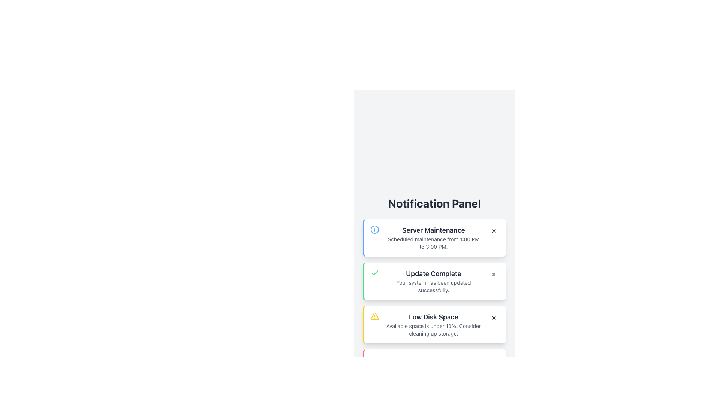 The height and width of the screenshot is (404, 719). I want to click on the Notification Box that displays server maintenance messages, located at the top left of the notification panel, so click(434, 238).